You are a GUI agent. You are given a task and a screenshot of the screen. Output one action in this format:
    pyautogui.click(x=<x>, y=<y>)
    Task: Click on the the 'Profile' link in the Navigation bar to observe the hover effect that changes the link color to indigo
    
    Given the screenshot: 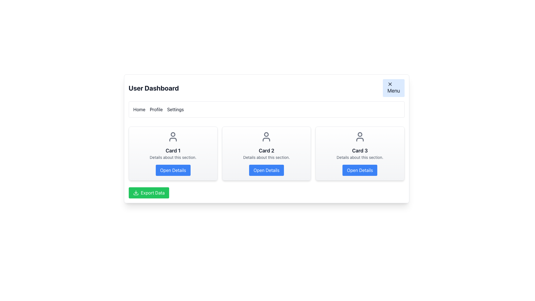 What is the action you would take?
    pyautogui.click(x=266, y=110)
    